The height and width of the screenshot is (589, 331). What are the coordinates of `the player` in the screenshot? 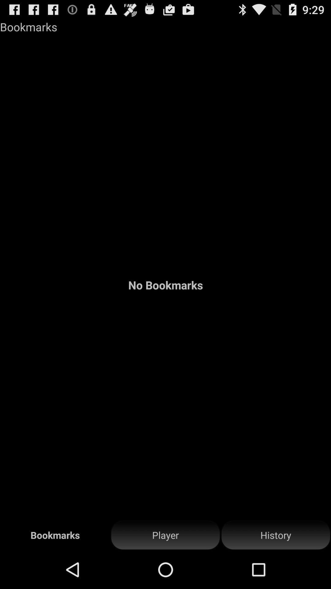 It's located at (165, 535).